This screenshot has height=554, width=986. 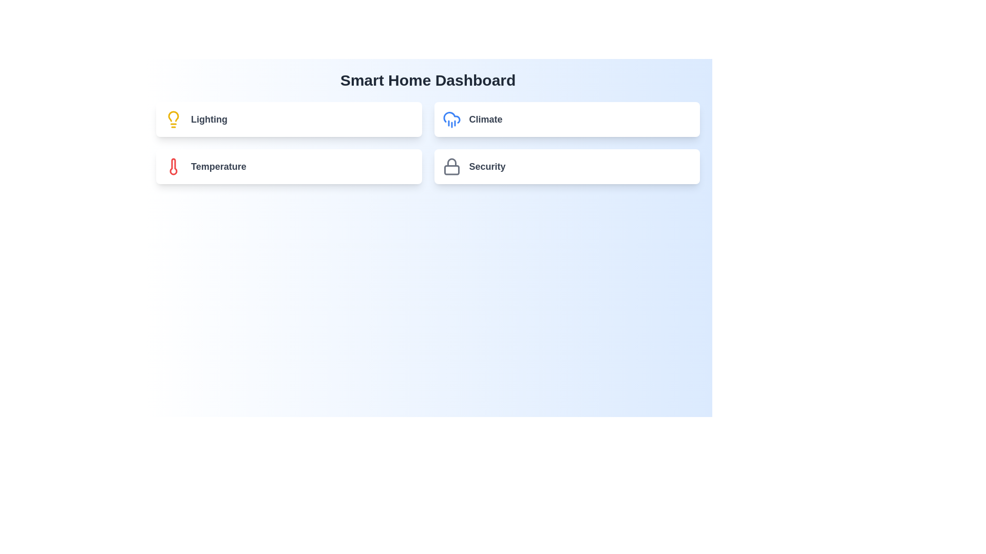 I want to click on the rounded rectangular graphical element located within the padlock icon, which is positioned near the bottom of the lock body adjacent to the 'Security' label, so click(x=451, y=169).